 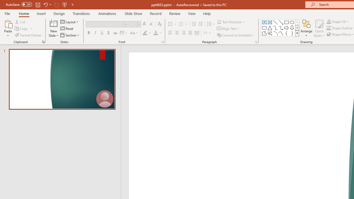 I want to click on 'Decrease Font Size', so click(x=151, y=24).